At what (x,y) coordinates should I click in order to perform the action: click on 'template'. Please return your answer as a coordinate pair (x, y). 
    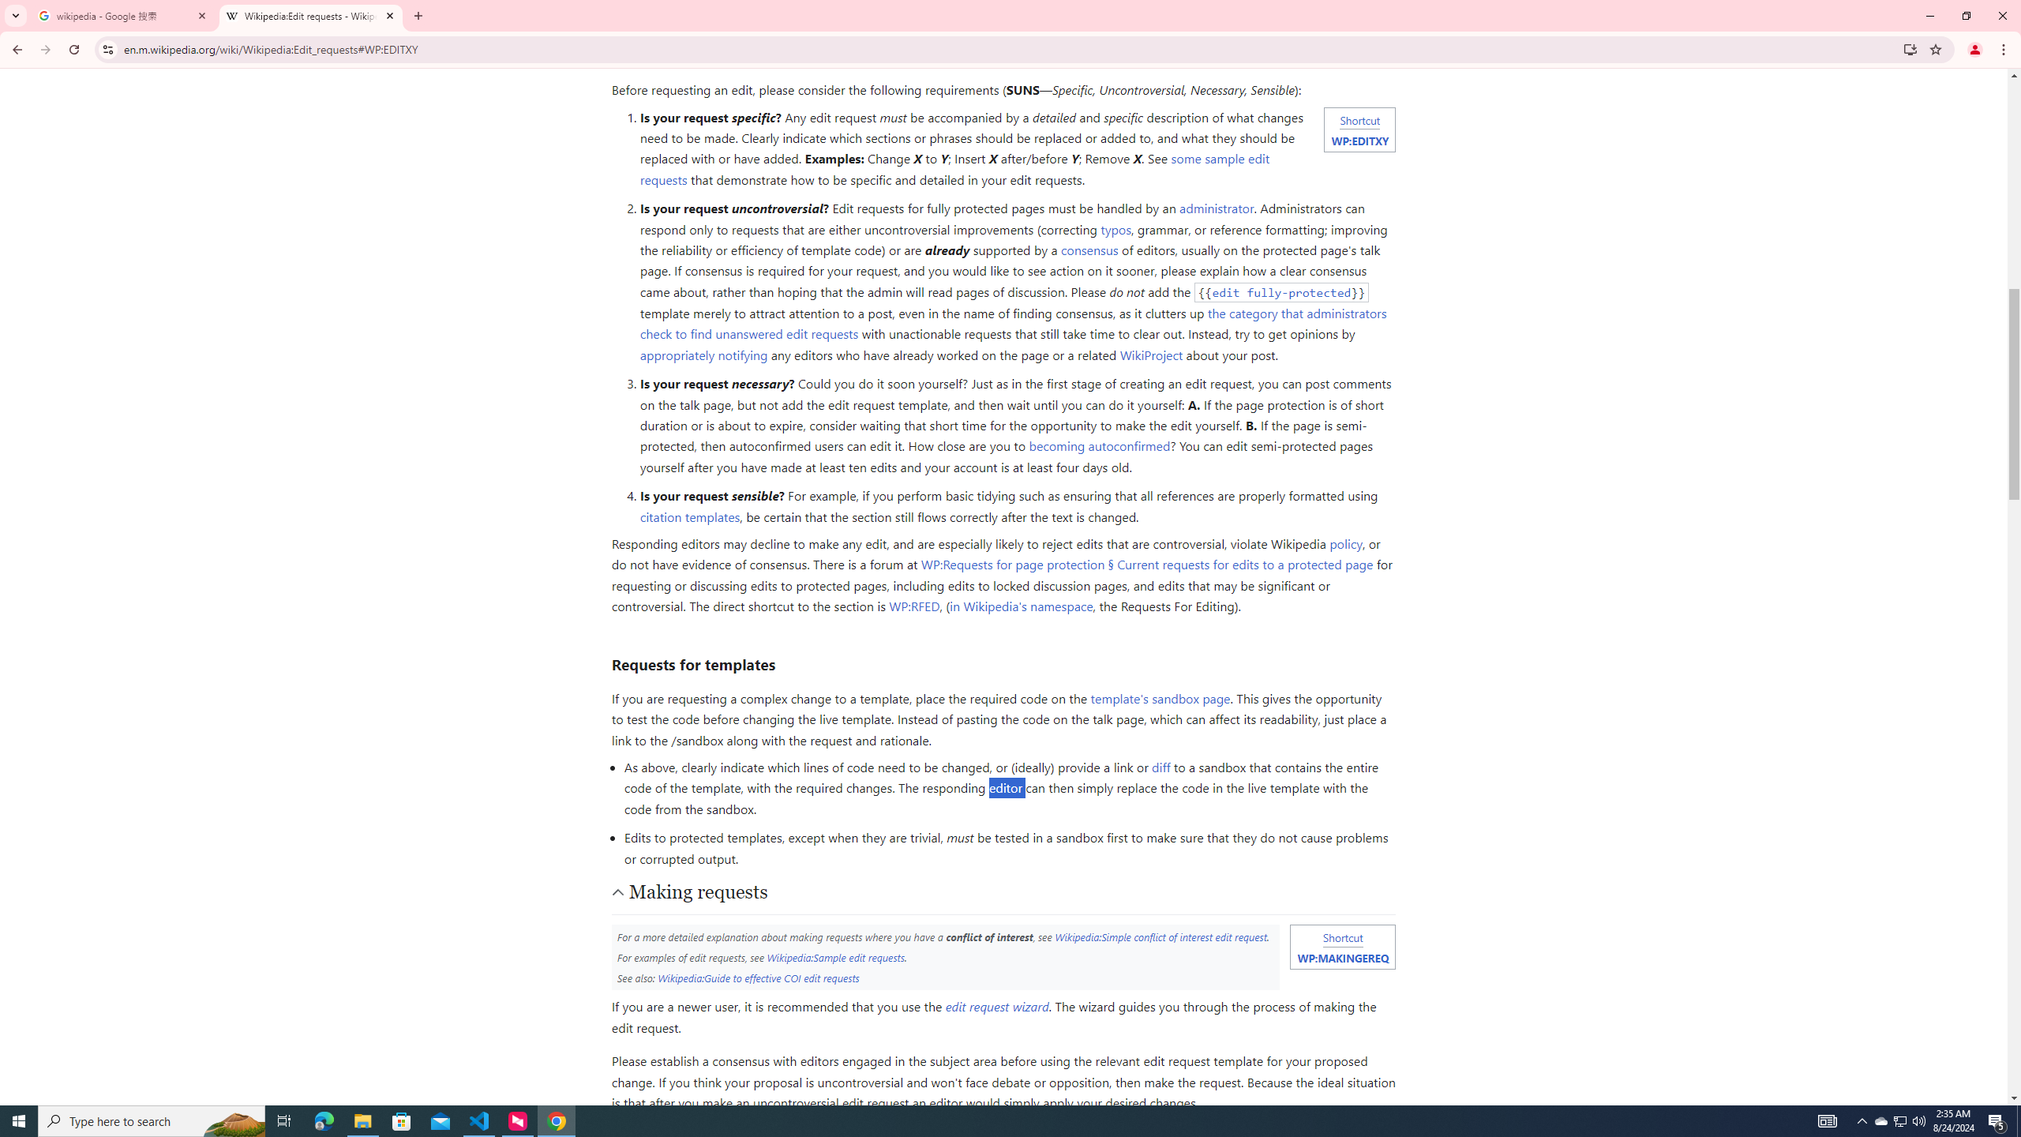
    Looking at the image, I should click on (1159, 698).